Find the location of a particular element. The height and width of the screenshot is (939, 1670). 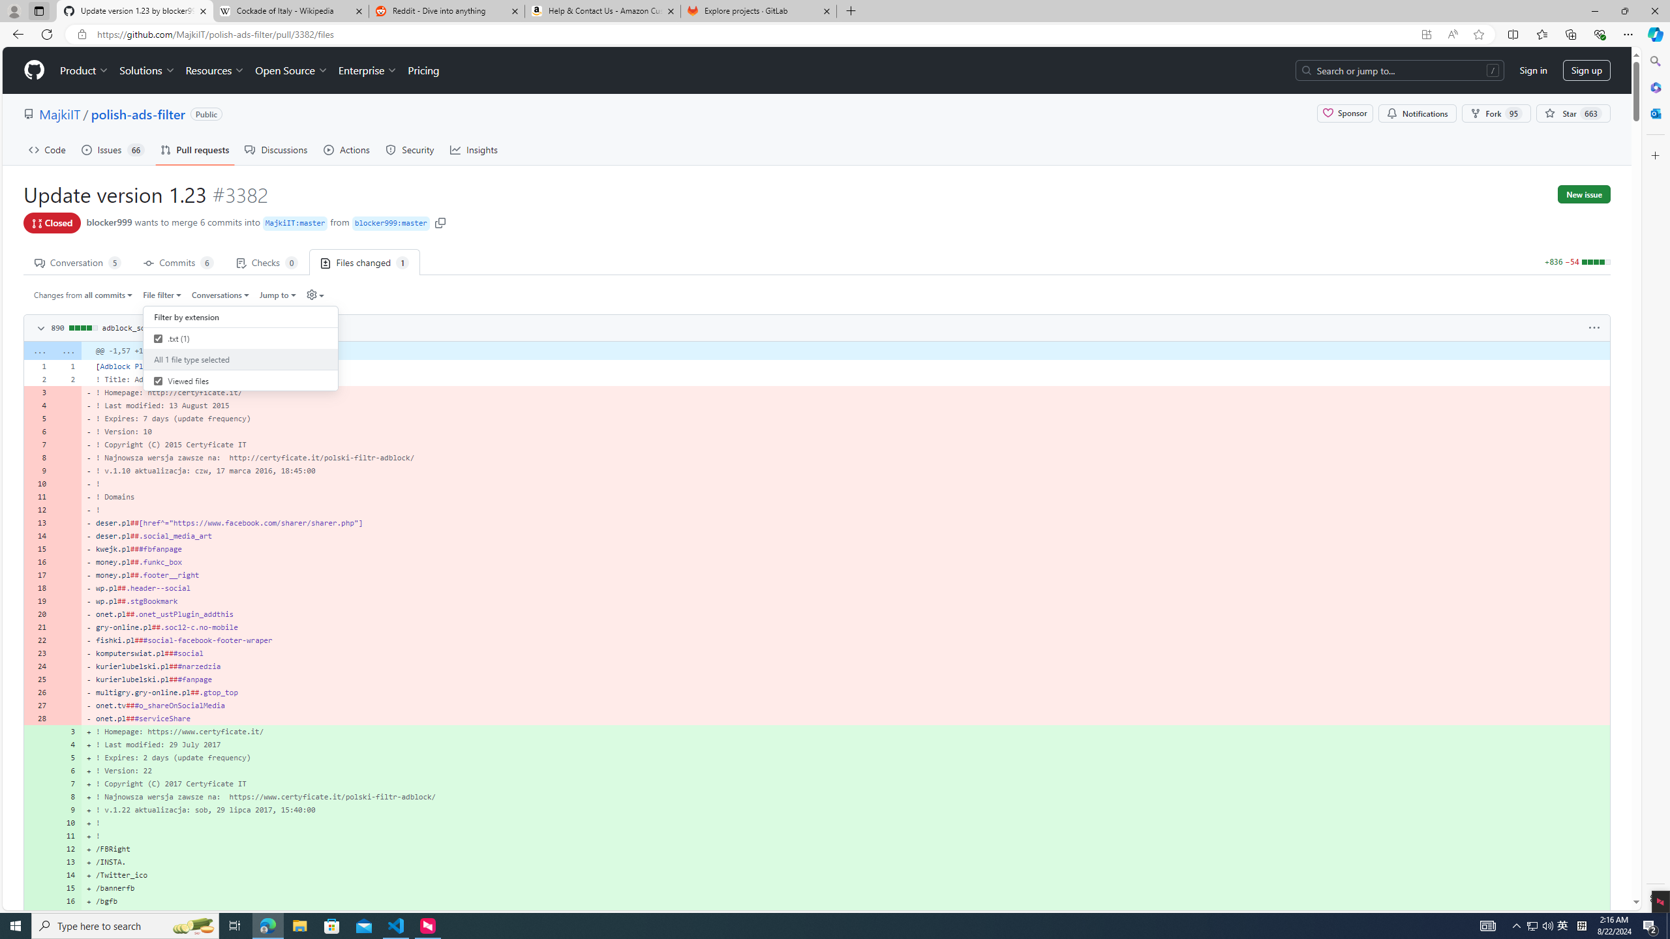

'...' is located at coordinates (67, 350).